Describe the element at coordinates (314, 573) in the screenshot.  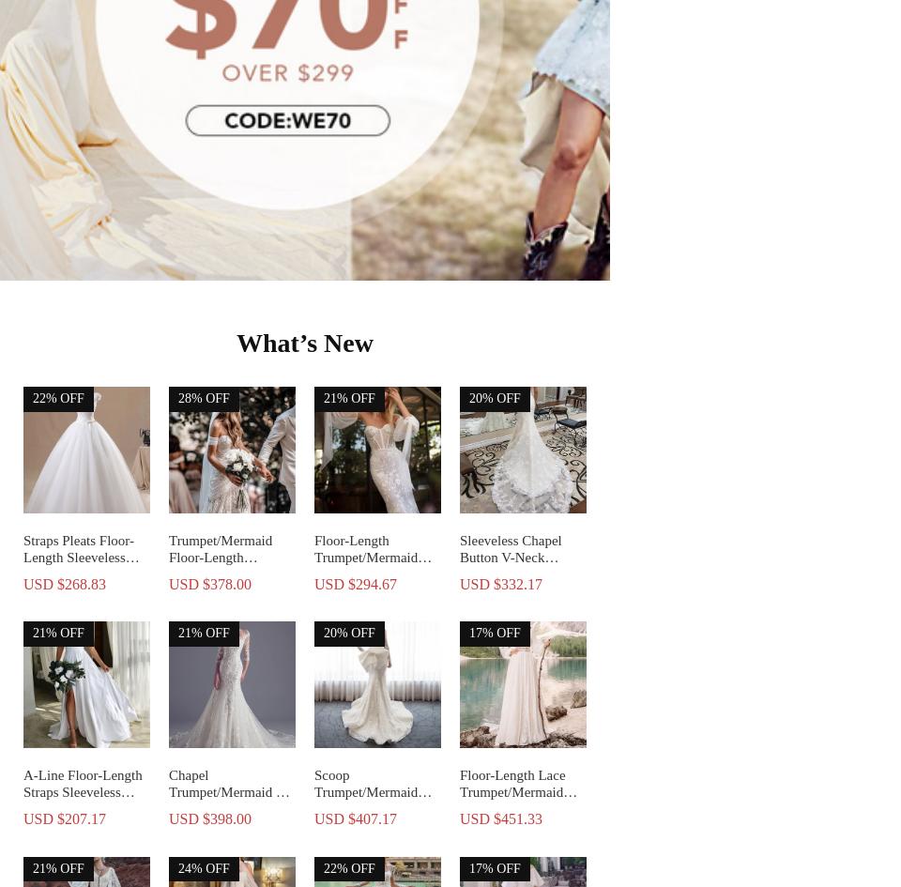
I see `'Floor-Length Trumpet/Mermaid Sweep/Brush Lace Garden/Outdoor Wedding Dress'` at that location.